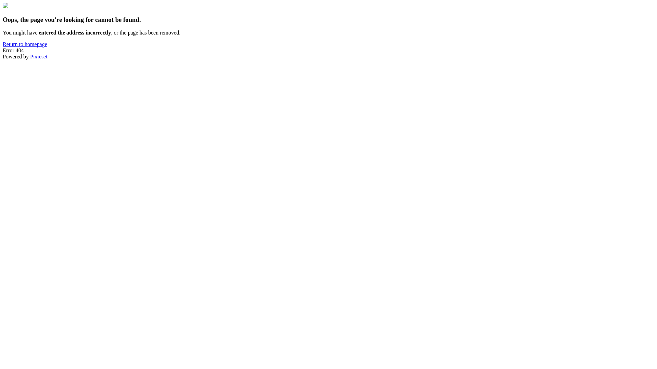 Image resolution: width=657 pixels, height=369 pixels. I want to click on 'Pixieset', so click(38, 56).